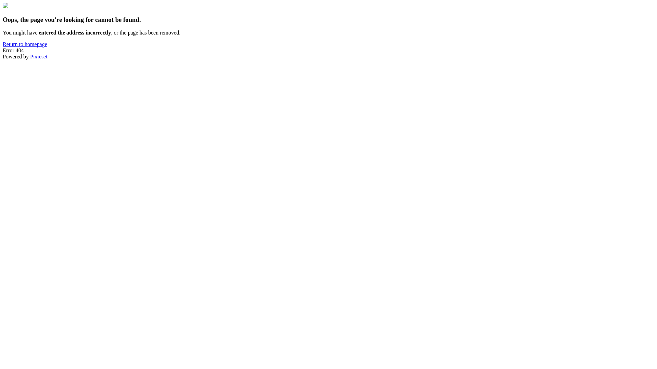 Image resolution: width=657 pixels, height=369 pixels. I want to click on 'Pixieset', so click(38, 56).